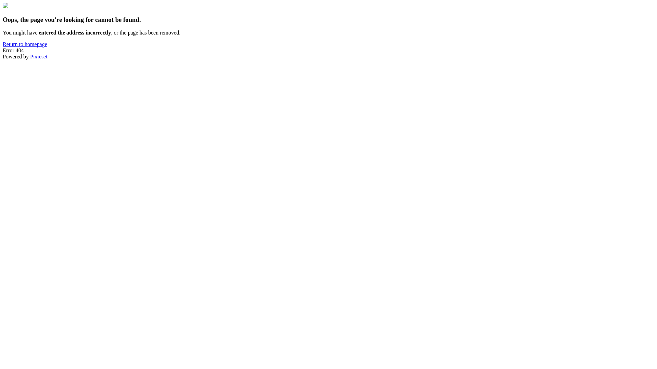 Image resolution: width=657 pixels, height=369 pixels. I want to click on 'Pixieset', so click(38, 56).